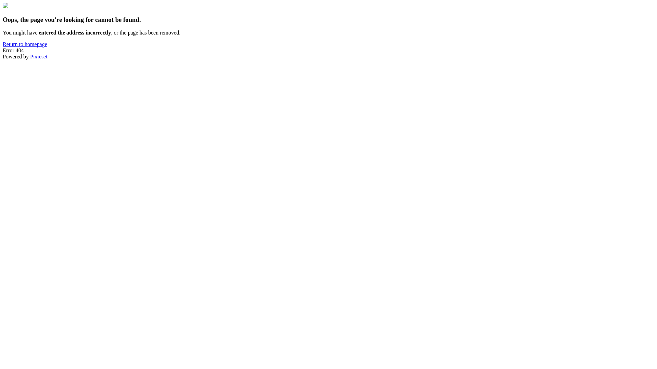 Image resolution: width=657 pixels, height=369 pixels. I want to click on 'Pixieset', so click(38, 56).